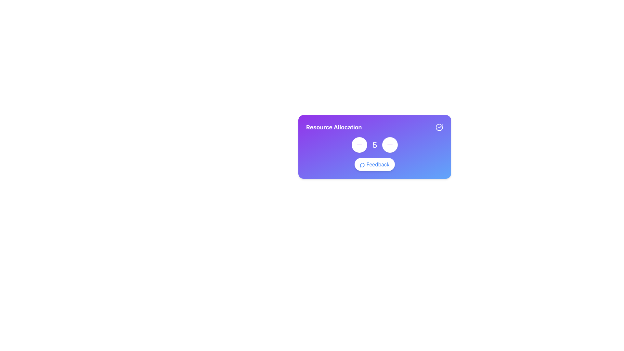  I want to click on the feedback button located at the bottom center of the panel, distinguished by its white background and blue text, to initiate feedback submission, so click(374, 164).